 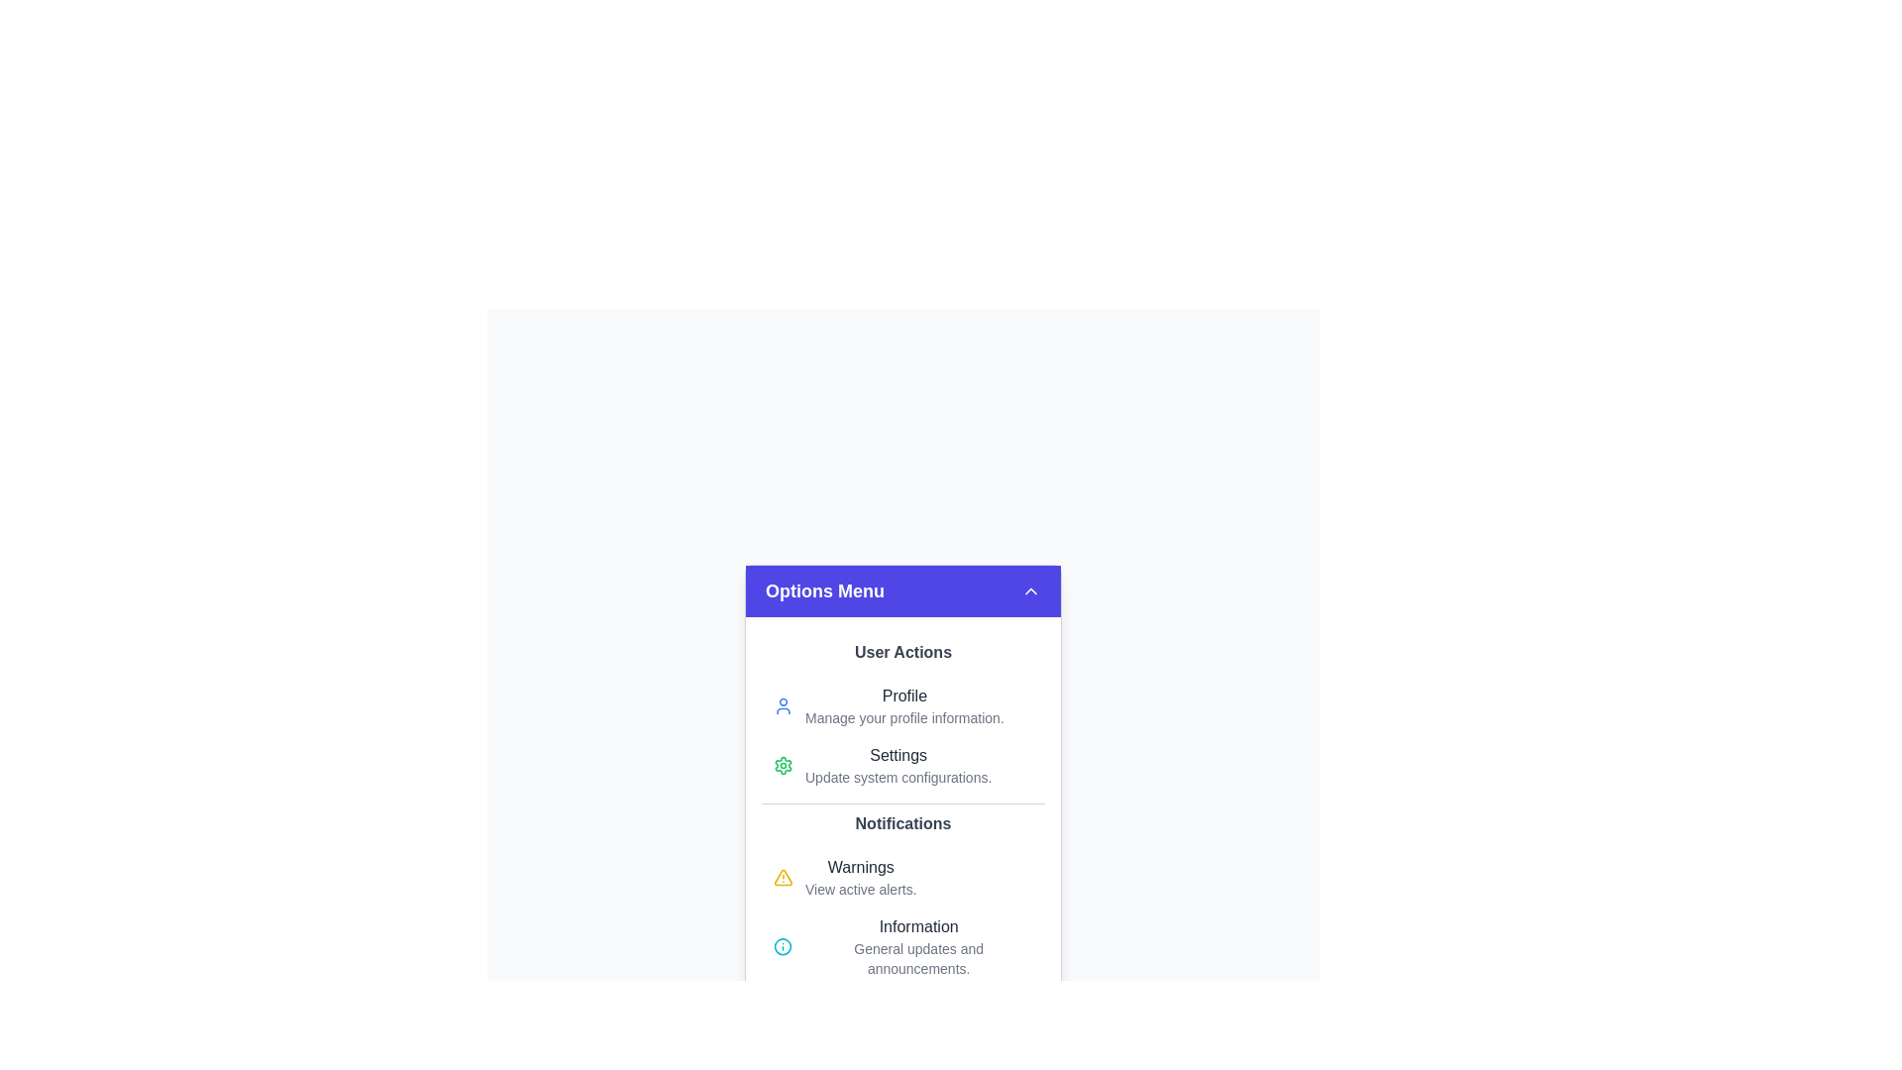 I want to click on supplementary text label 'Manage your profile information.' located directly beneath the 'Profile' label in the 'Options Menu' section under 'User Actions', so click(x=903, y=718).